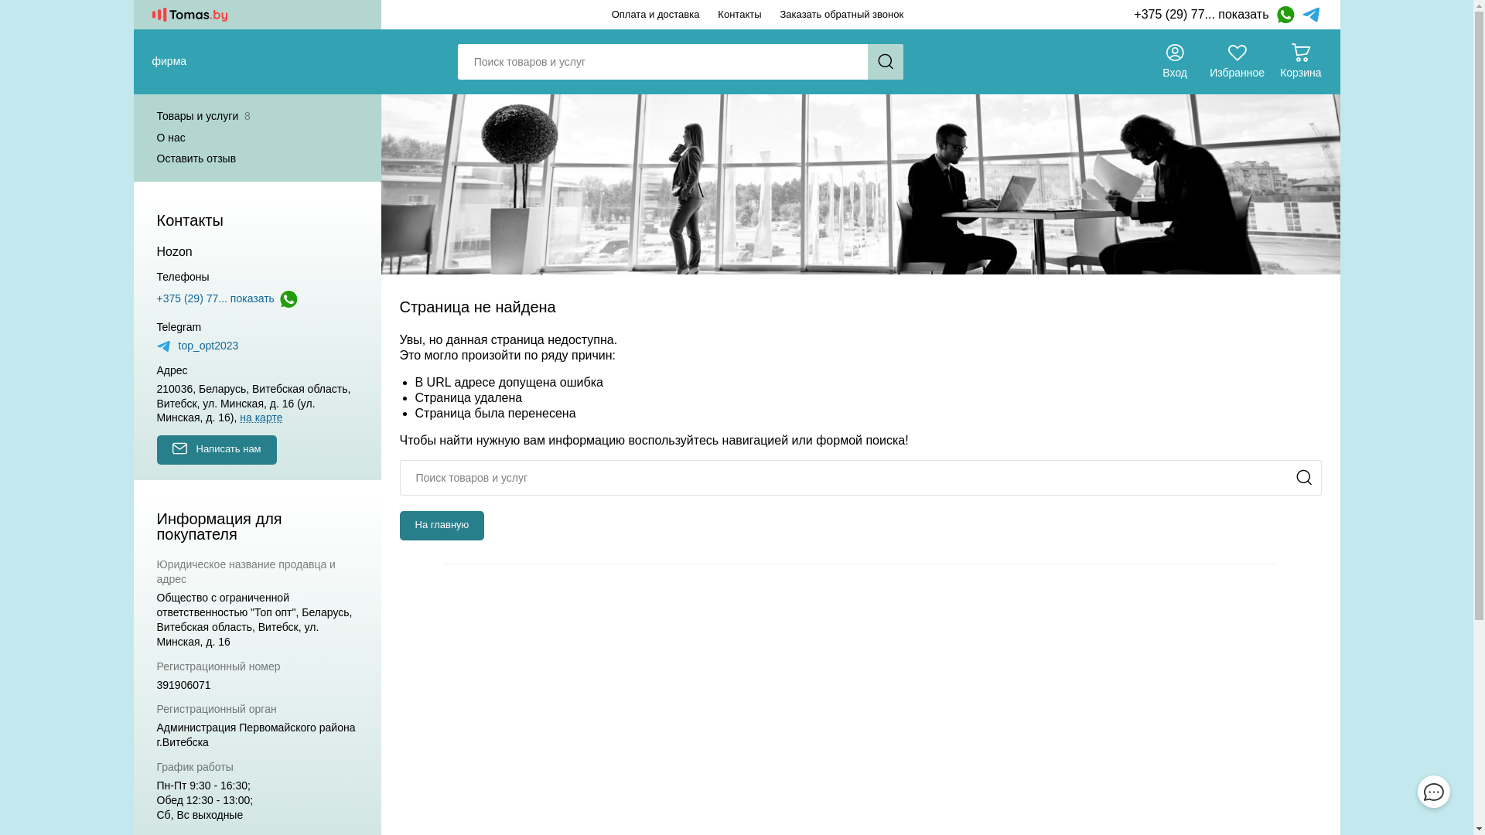 The width and height of the screenshot is (1485, 835). I want to click on 'top_opt2023', so click(196, 345).